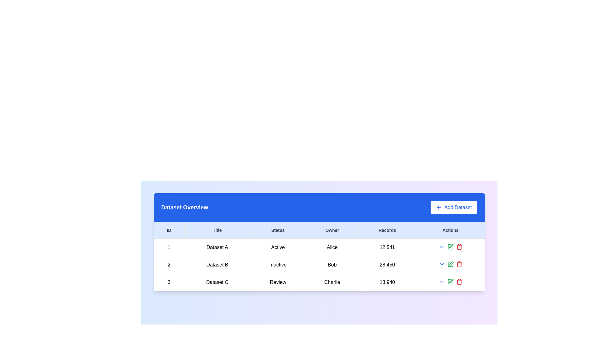 This screenshot has width=600, height=337. What do you see at coordinates (169, 230) in the screenshot?
I see `the static text label serving as the header for the 'ID' column in the table, which is the first element in its row beneath the blue banner labeled 'Dataset Overview'` at bounding box center [169, 230].